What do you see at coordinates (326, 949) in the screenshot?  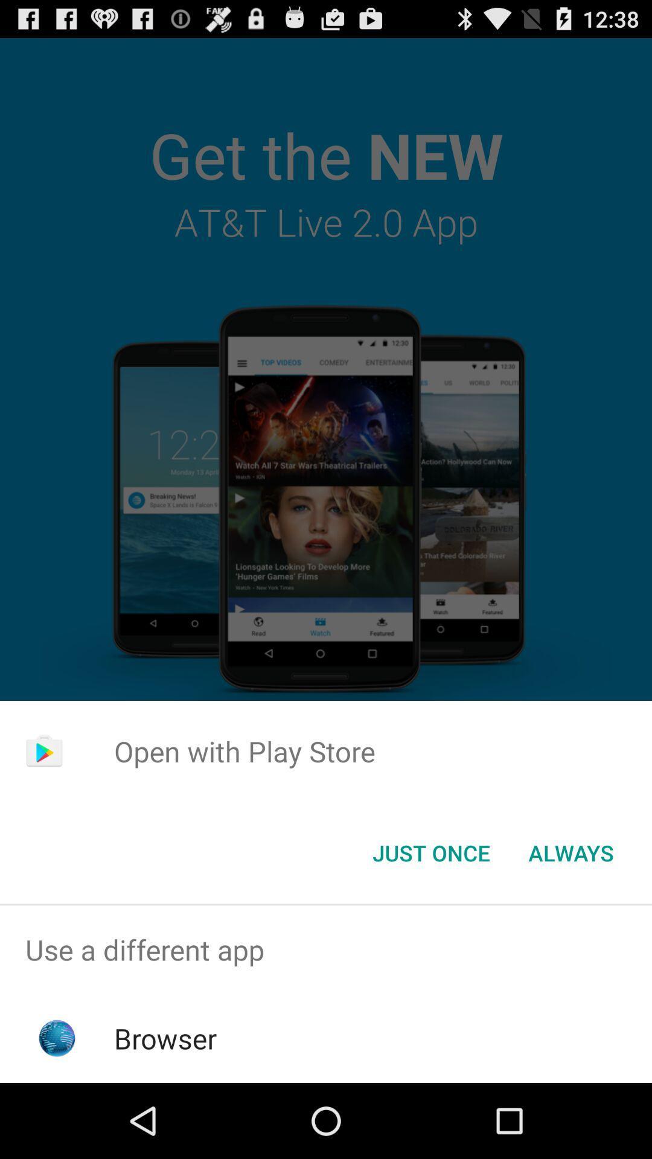 I see `the use a different icon` at bounding box center [326, 949].